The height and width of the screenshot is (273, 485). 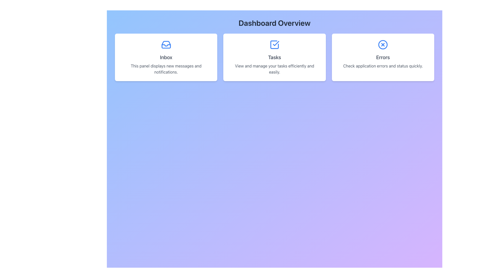 What do you see at coordinates (383, 66) in the screenshot?
I see `the text element displaying 'Check application errors and status quickly.' located below the 'Errors' heading in the Dashboard Overview section` at bounding box center [383, 66].